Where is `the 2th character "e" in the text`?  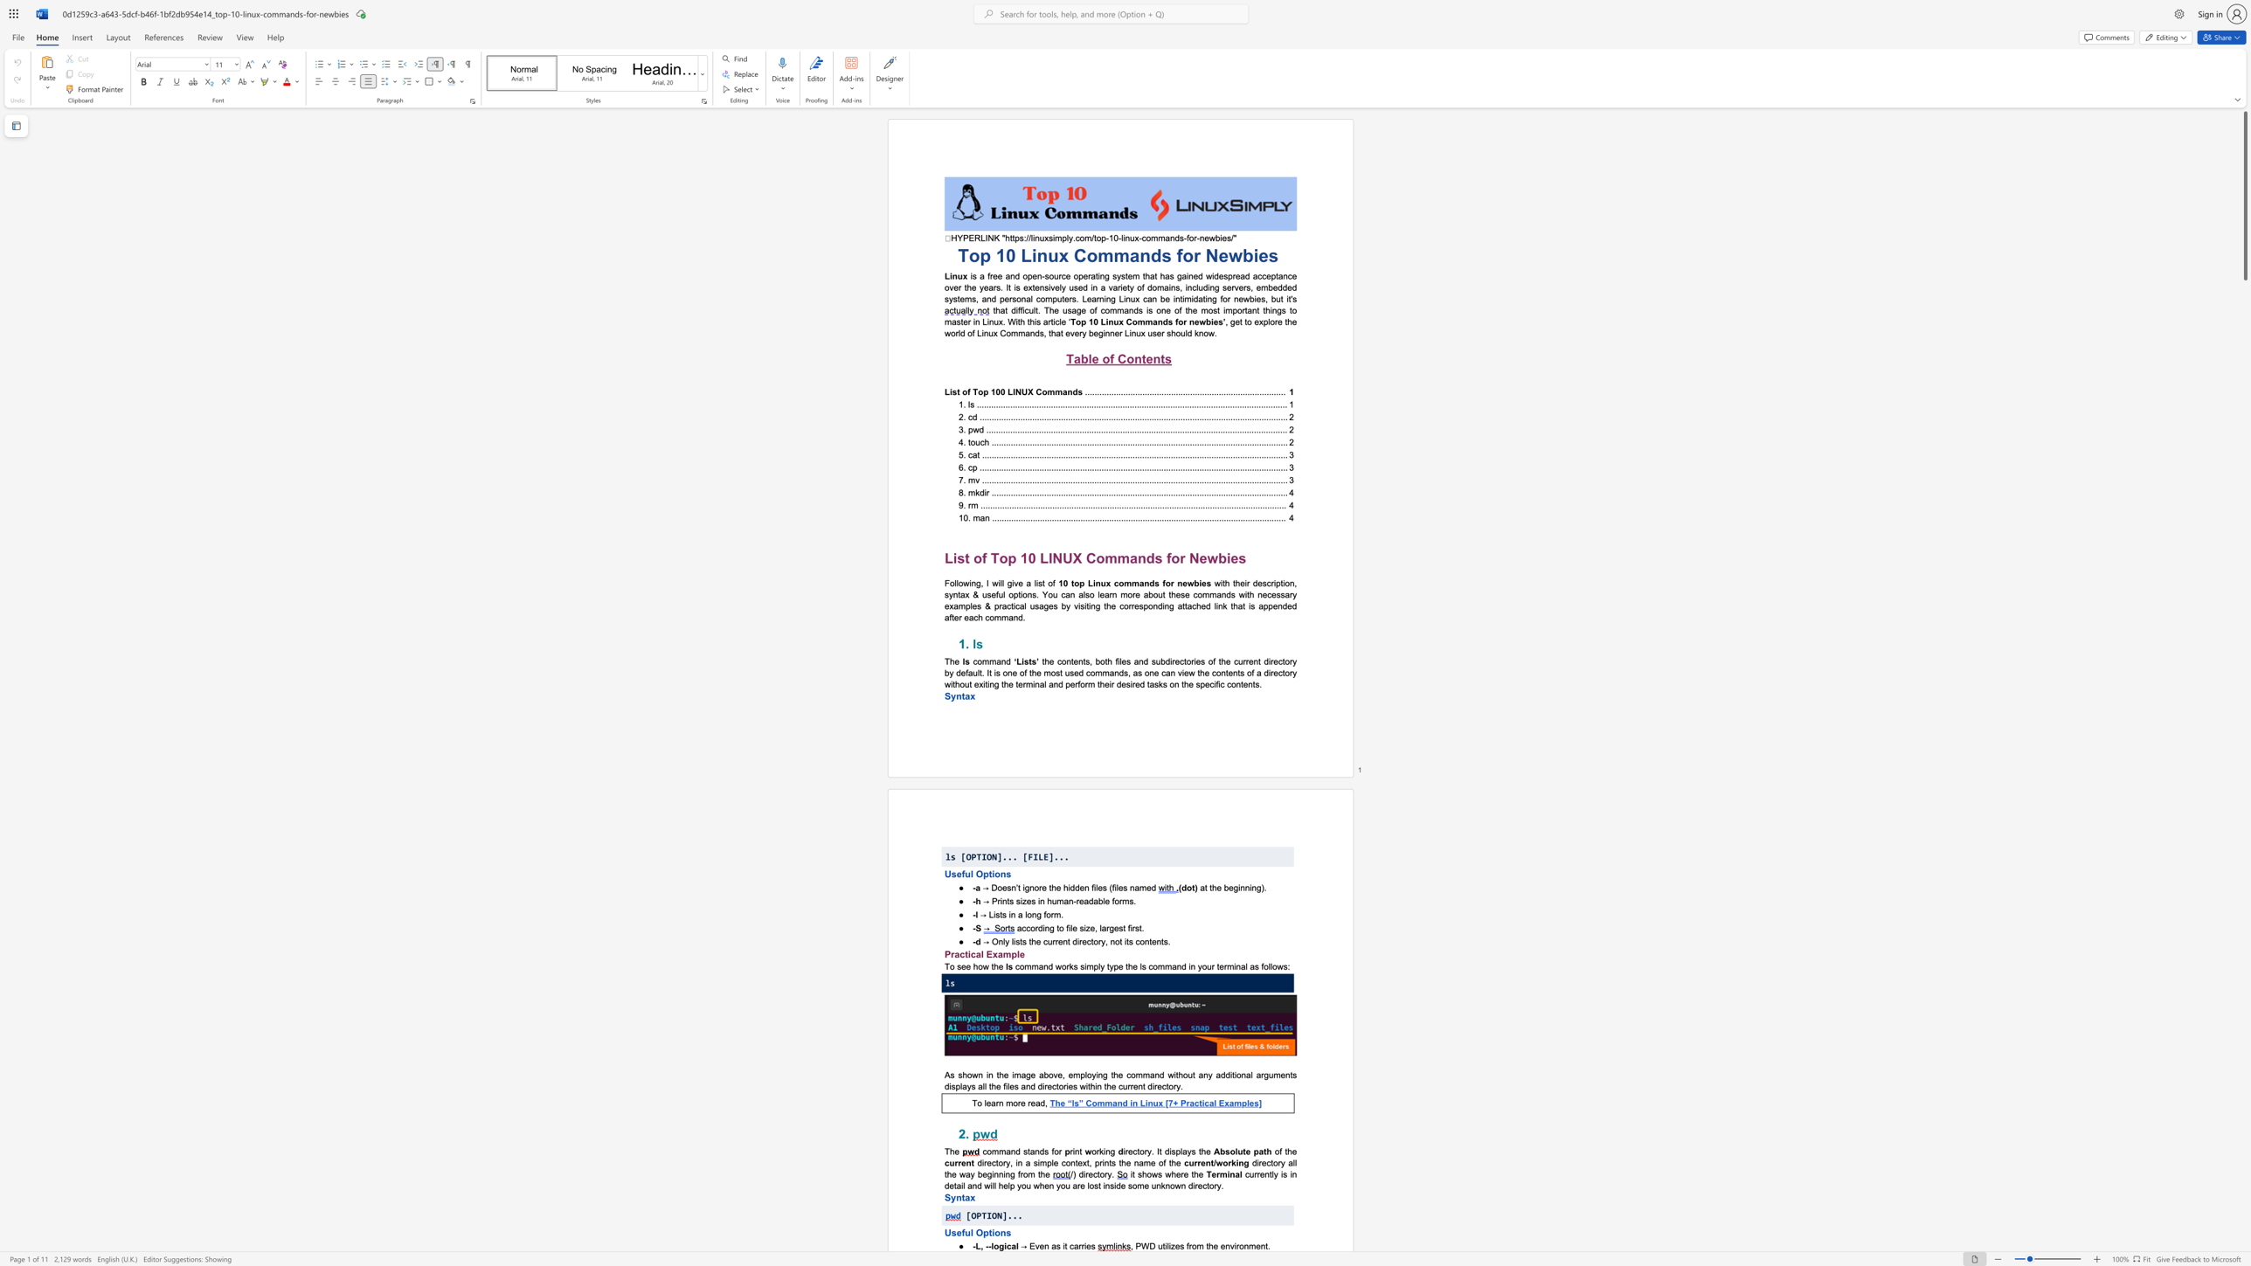
the 2th character "e" in the text is located at coordinates (1149, 358).